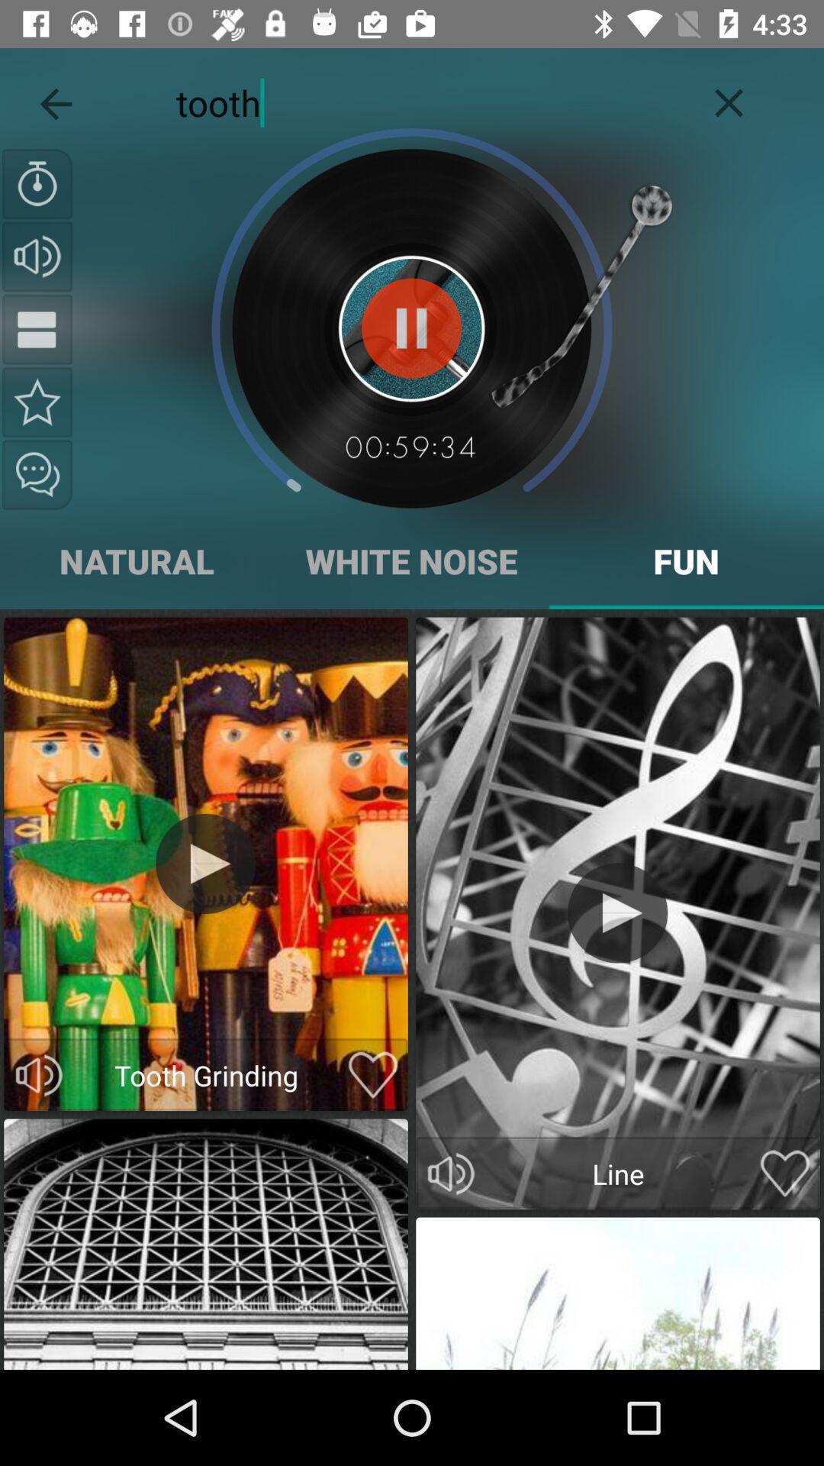 Image resolution: width=824 pixels, height=1466 pixels. What do you see at coordinates (785, 1173) in the screenshot?
I see `favorite` at bounding box center [785, 1173].